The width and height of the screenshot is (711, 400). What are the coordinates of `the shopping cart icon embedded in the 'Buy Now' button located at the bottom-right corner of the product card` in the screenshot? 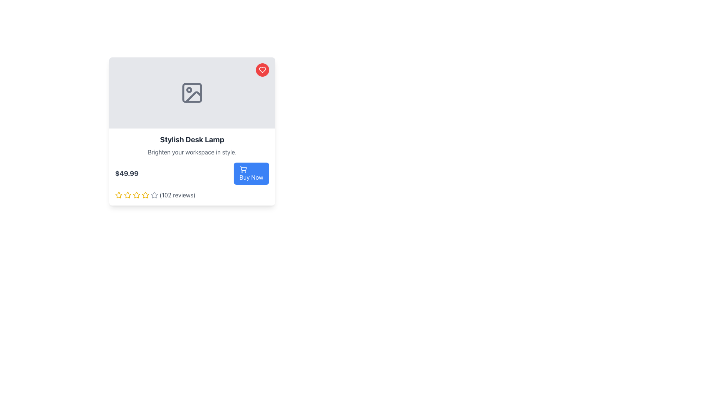 It's located at (243, 169).